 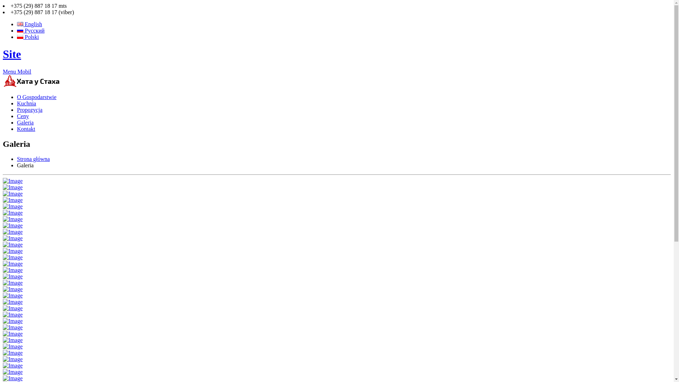 I want to click on 'Kuchnia', so click(x=17, y=103).